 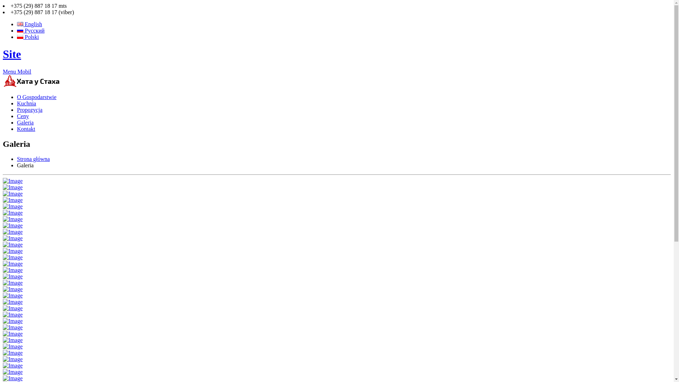 I want to click on 'Kuchnia', so click(x=17, y=103).